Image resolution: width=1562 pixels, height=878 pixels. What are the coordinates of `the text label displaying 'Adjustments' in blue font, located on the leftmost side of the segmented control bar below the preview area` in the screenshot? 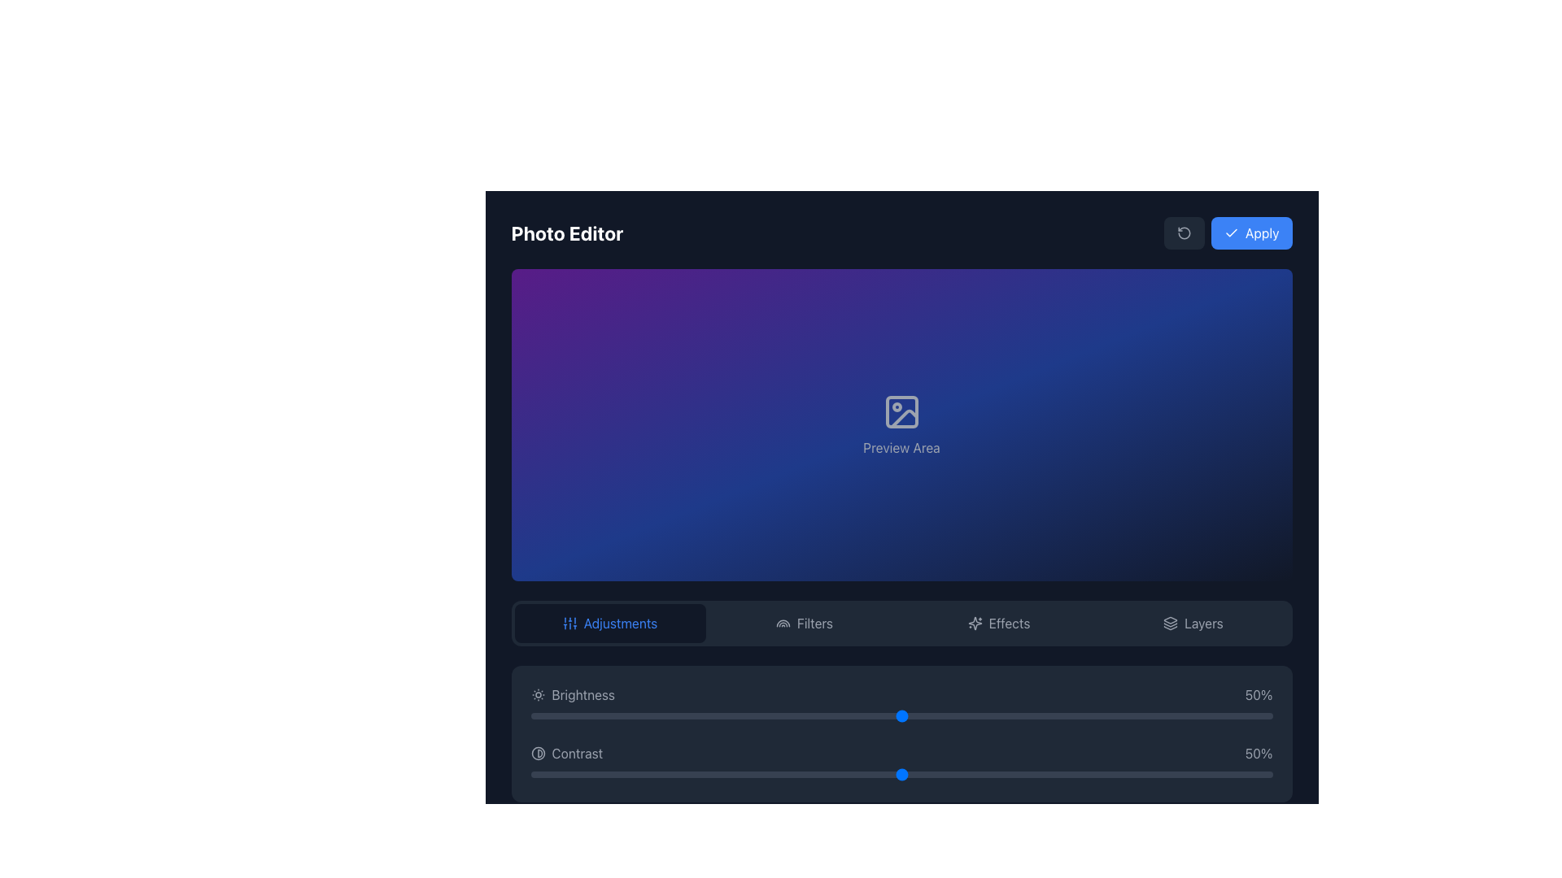 It's located at (620, 623).